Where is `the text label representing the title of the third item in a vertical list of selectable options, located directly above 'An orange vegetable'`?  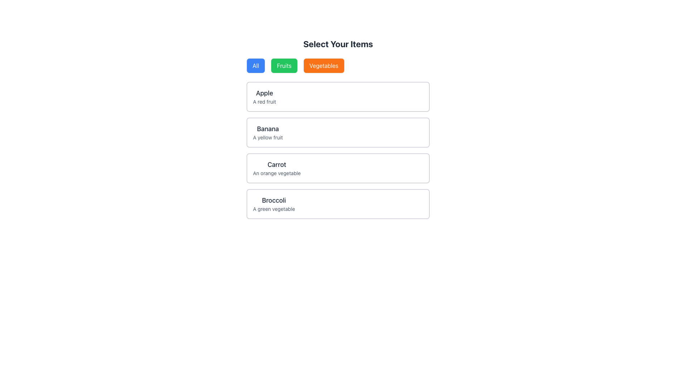
the text label representing the title of the third item in a vertical list of selectable options, located directly above 'An orange vegetable' is located at coordinates (276, 165).